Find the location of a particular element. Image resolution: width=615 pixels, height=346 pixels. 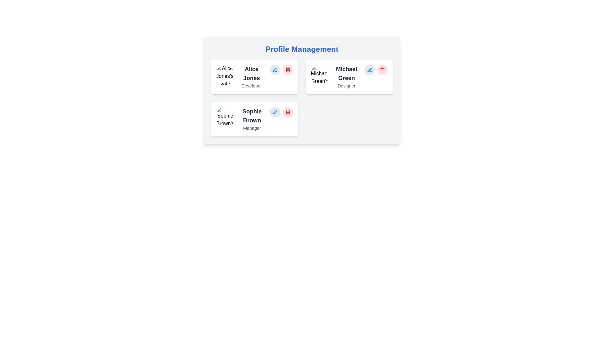

the name display text label located on the third profile card in the Profile Management layout, positioned in the bottom left corner of the grid is located at coordinates (252, 116).